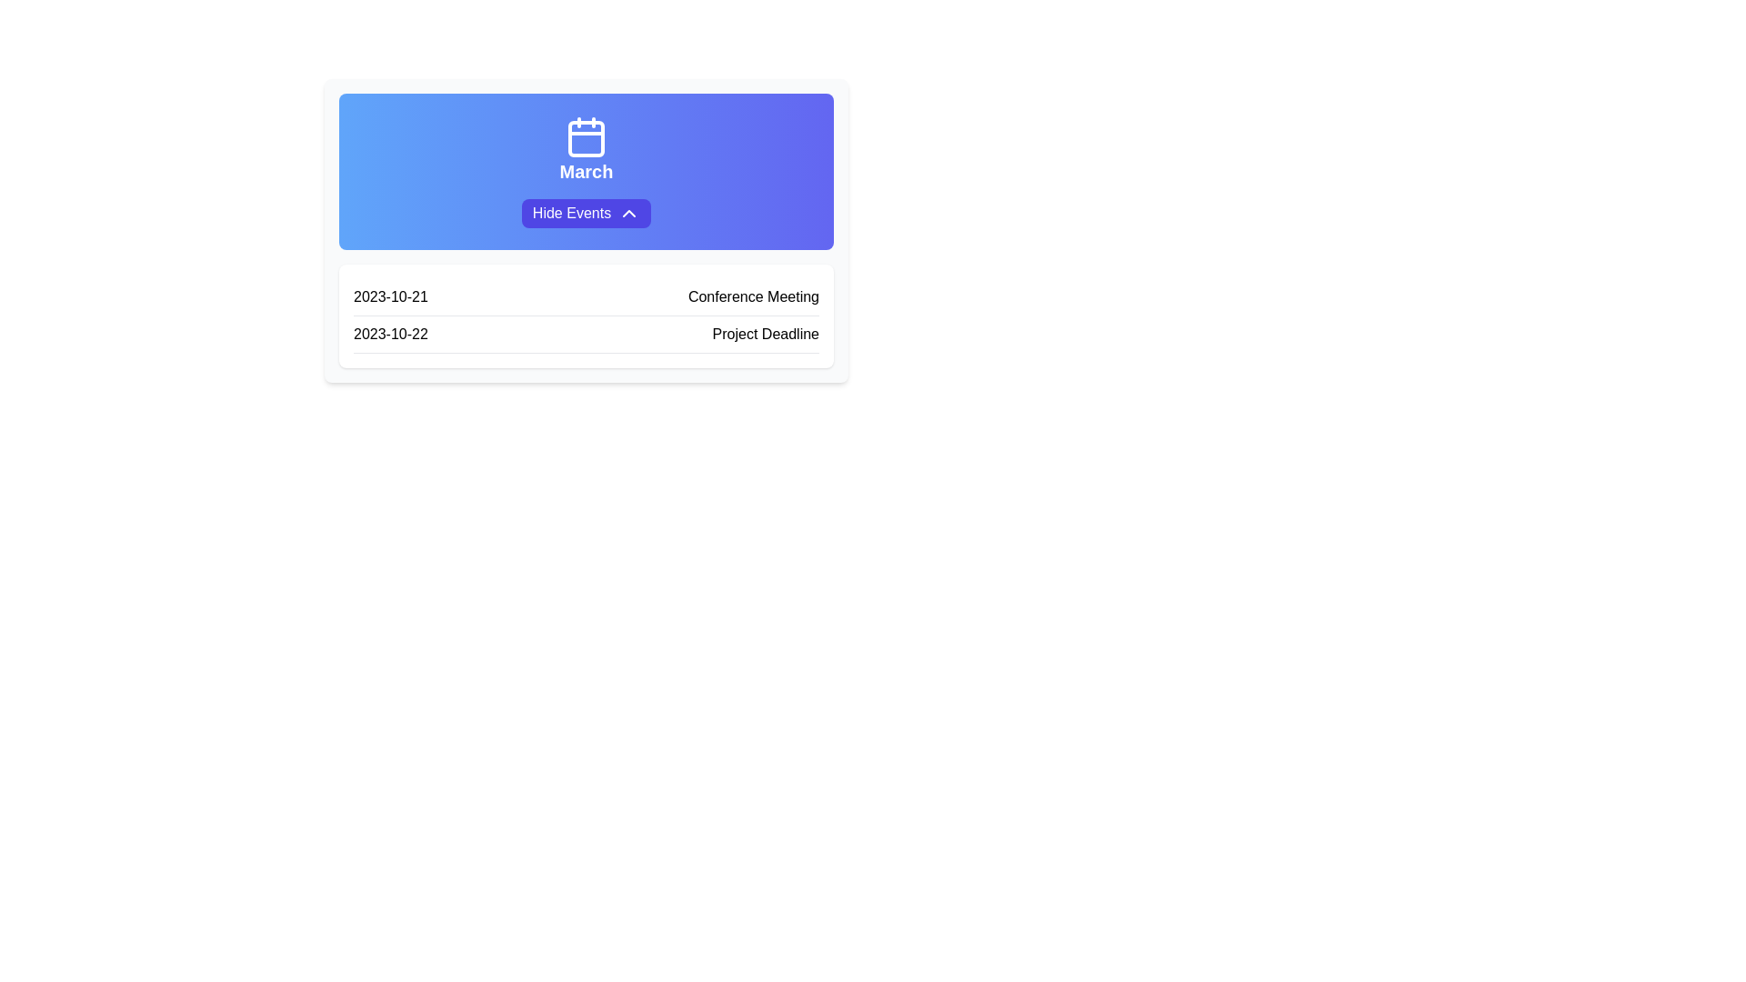 Image resolution: width=1746 pixels, height=982 pixels. What do you see at coordinates (389, 296) in the screenshot?
I see `text content of the first Text Label displaying the date '2023-10-21', which is aligned to the left and part of a row with the label 'Conference Meeting'` at bounding box center [389, 296].